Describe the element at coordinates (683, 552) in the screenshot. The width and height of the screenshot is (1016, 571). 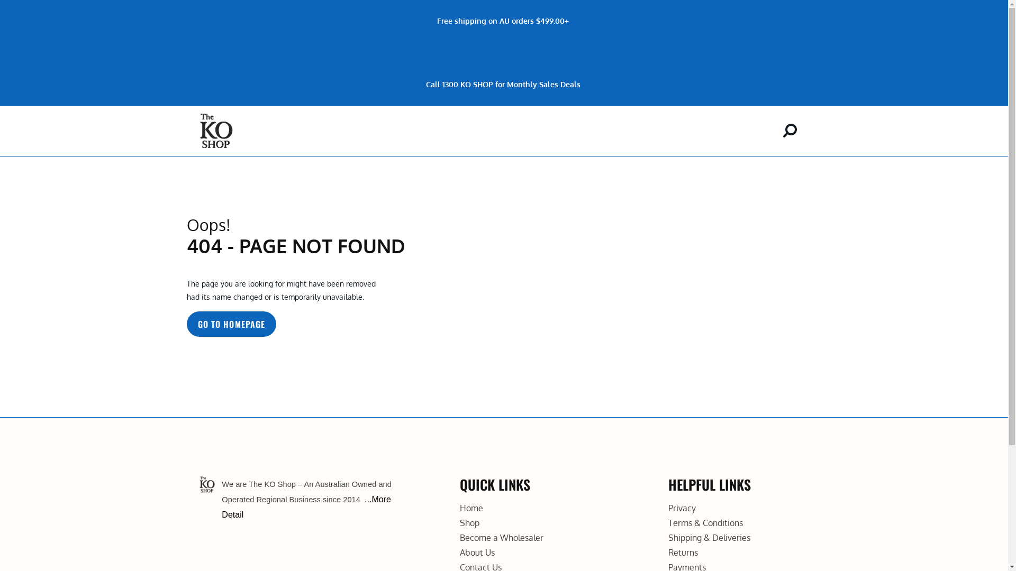
I see `'Returns'` at that location.